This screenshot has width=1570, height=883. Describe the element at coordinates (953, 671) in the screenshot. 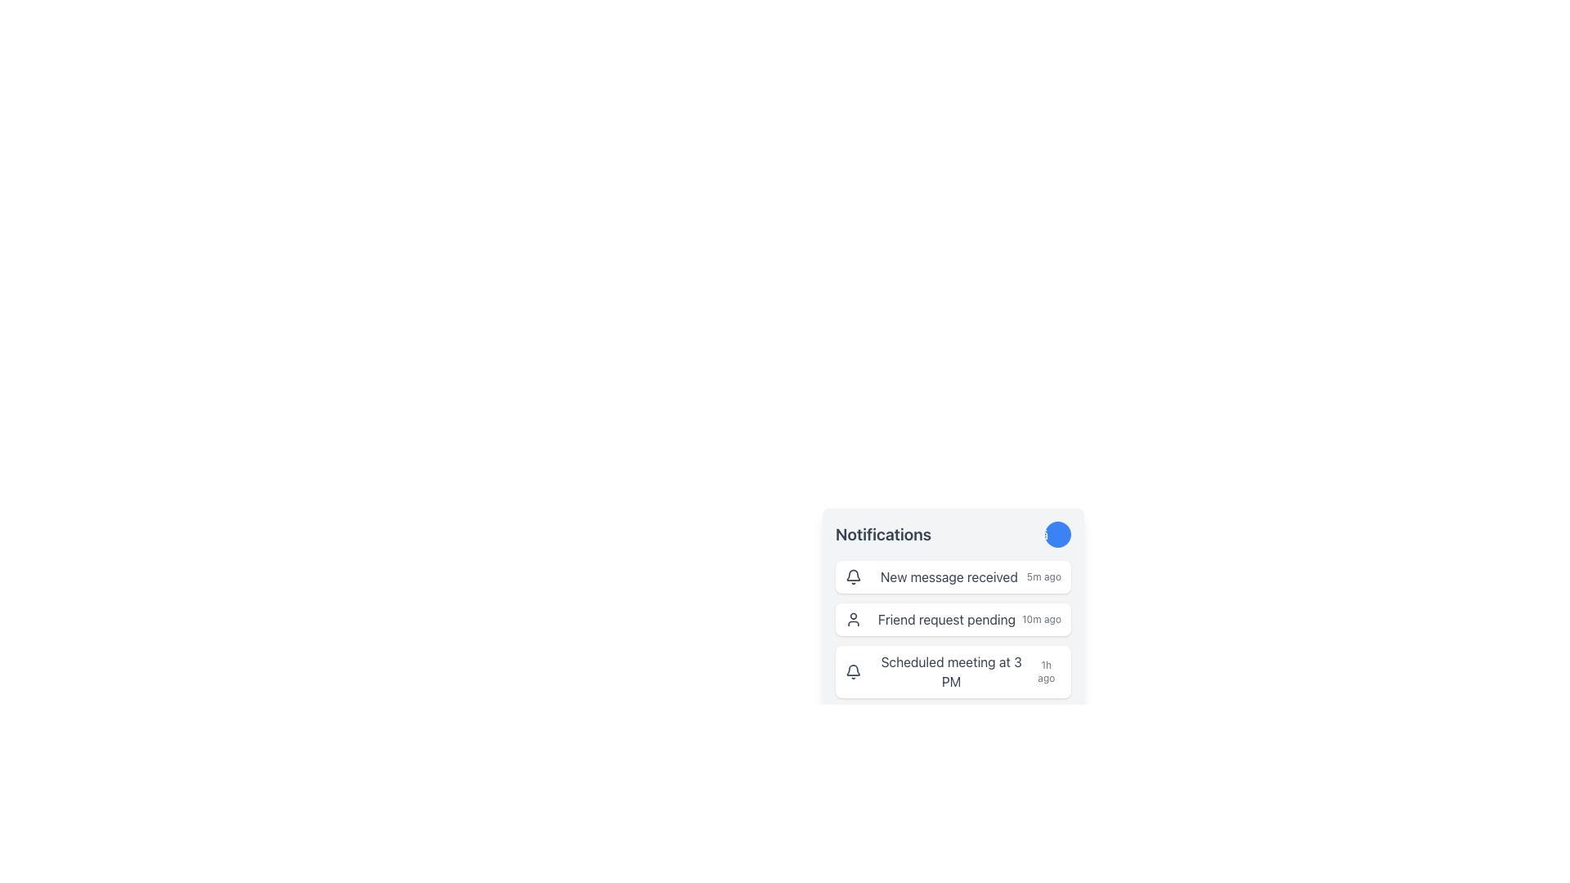

I see `third notification card that displays 'Scheduled meeting at 3 PM' and '1h ago' by clicking on its center point` at that location.